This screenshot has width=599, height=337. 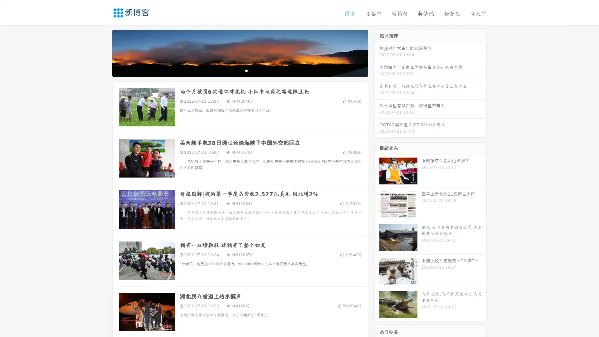 What do you see at coordinates (103, 52) in the screenshot?
I see `Previous slide` at bounding box center [103, 52].